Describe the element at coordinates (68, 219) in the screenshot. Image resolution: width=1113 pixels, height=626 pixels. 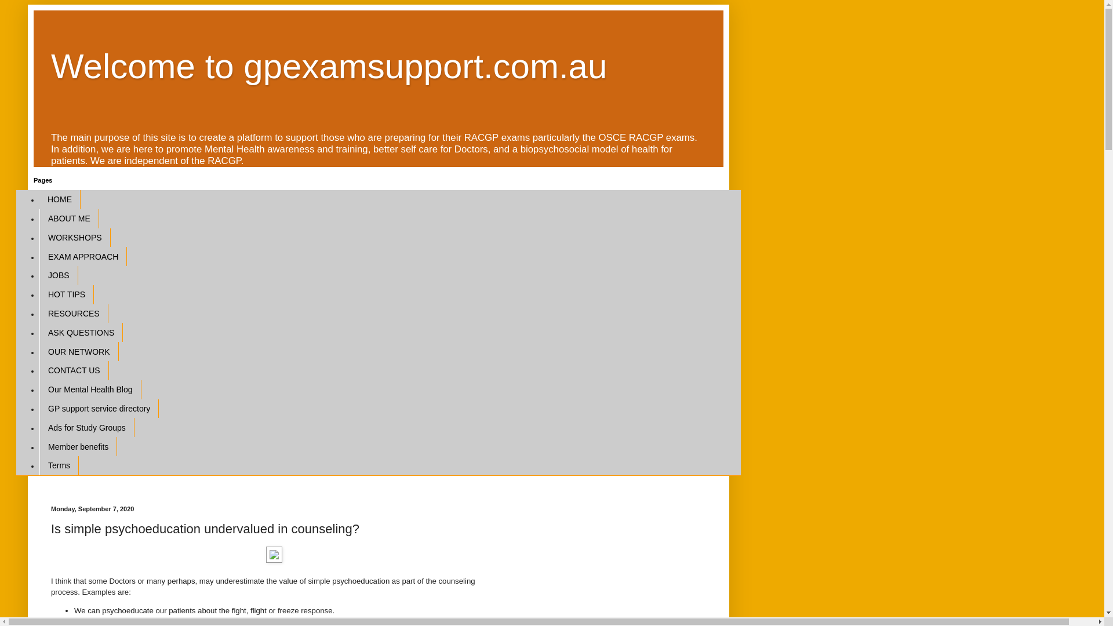
I see `'ABOUT ME'` at that location.